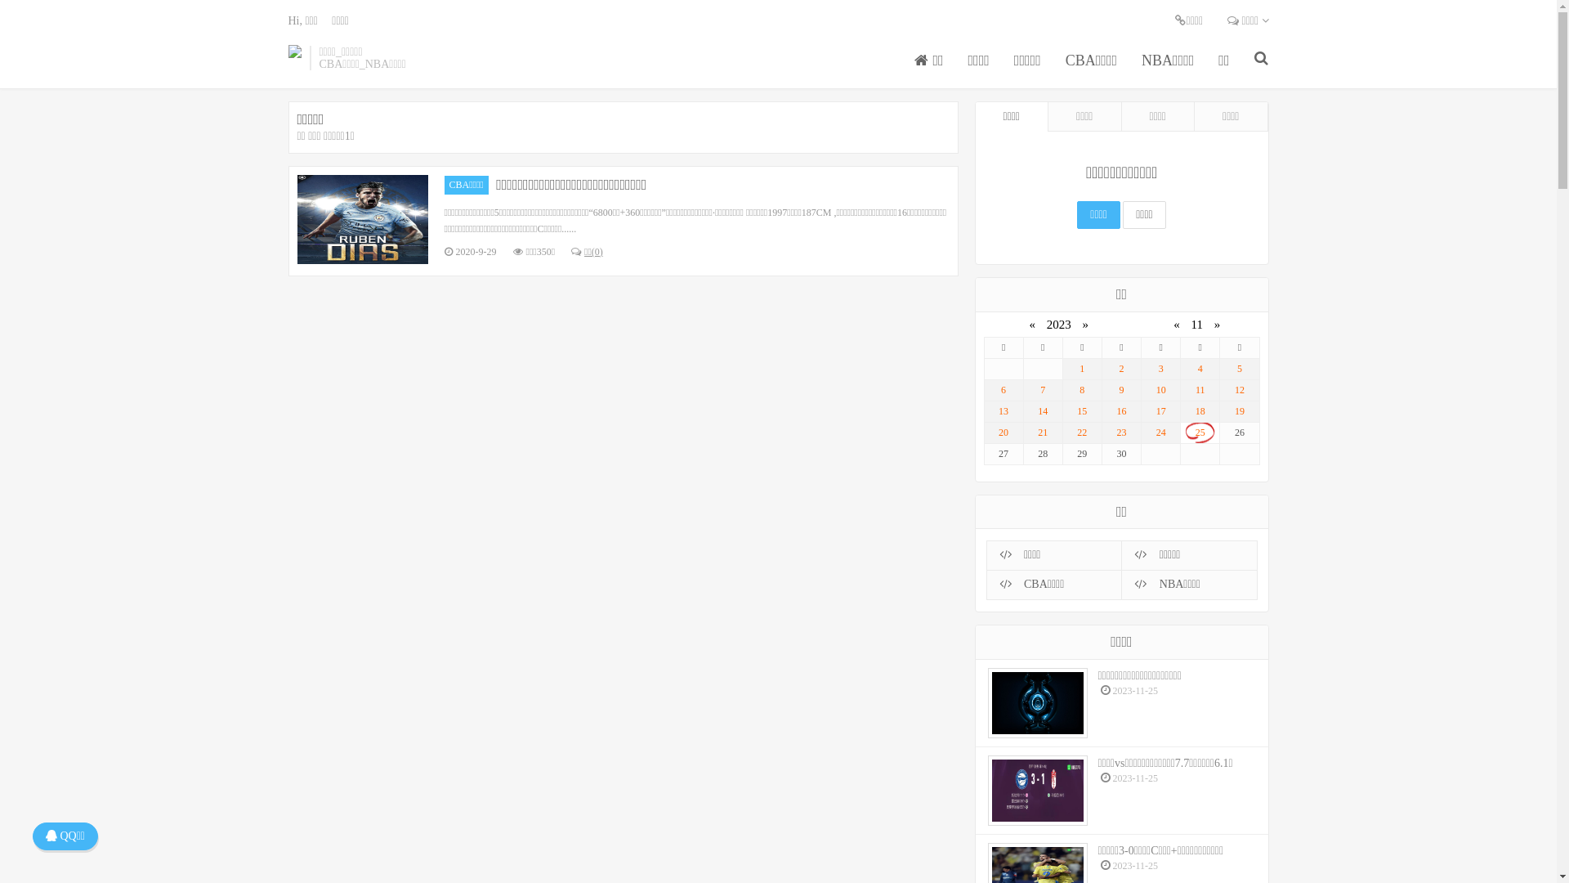 This screenshot has height=883, width=1569. What do you see at coordinates (1082, 410) in the screenshot?
I see `'15'` at bounding box center [1082, 410].